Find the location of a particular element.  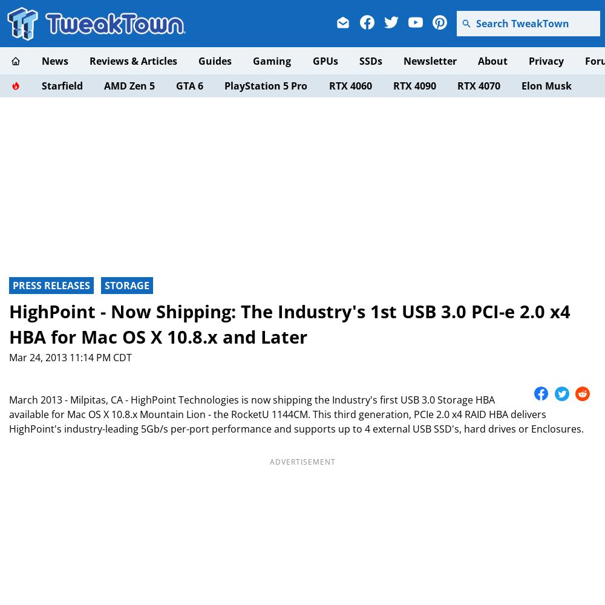

'Mar 24, 2013 11:14 PM CDT' is located at coordinates (70, 357).